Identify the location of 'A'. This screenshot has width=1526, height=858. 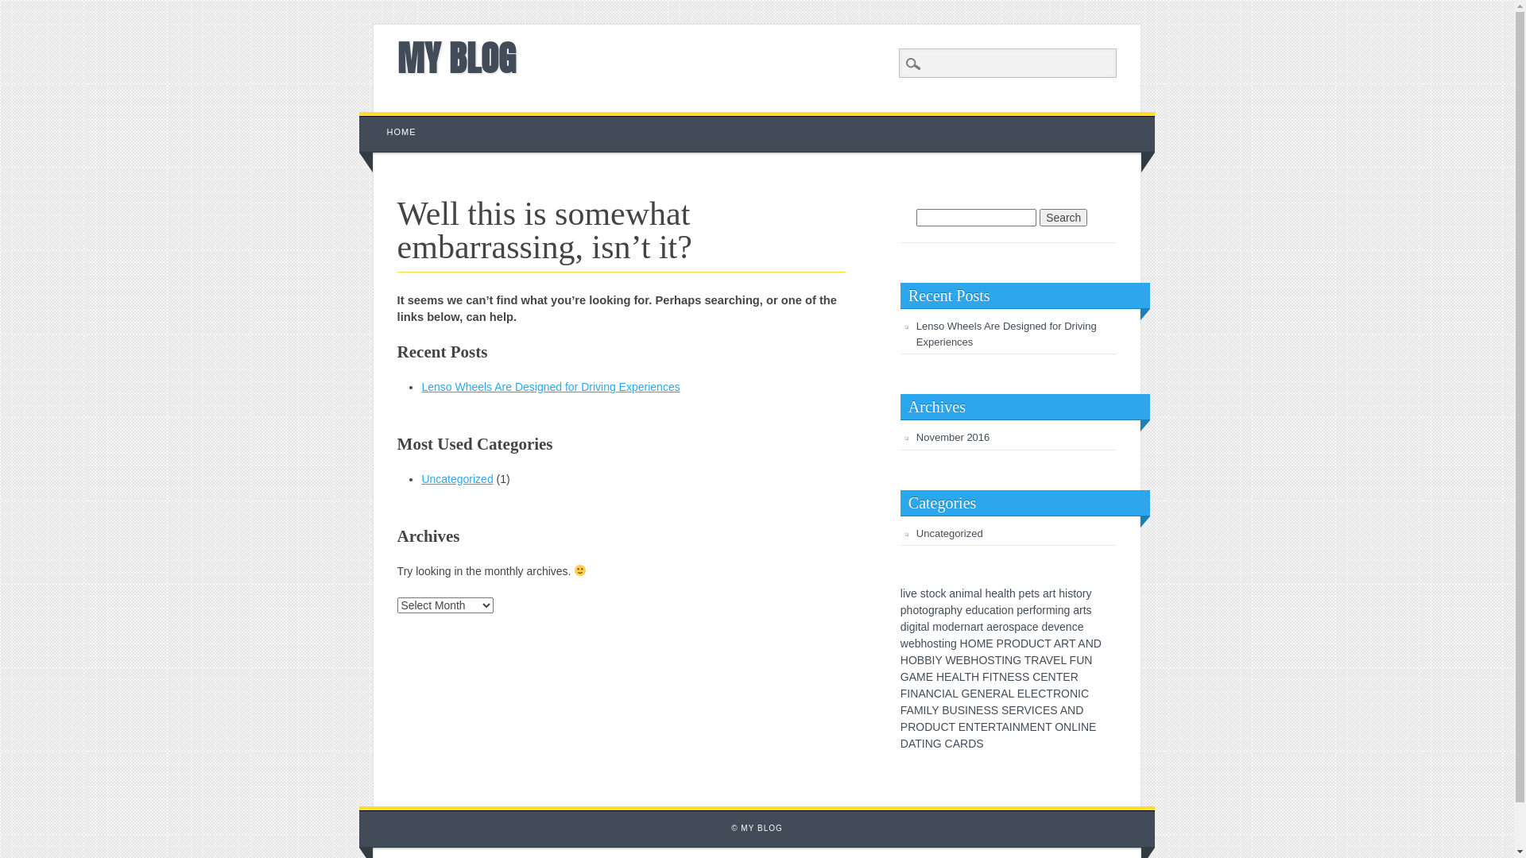
(945, 692).